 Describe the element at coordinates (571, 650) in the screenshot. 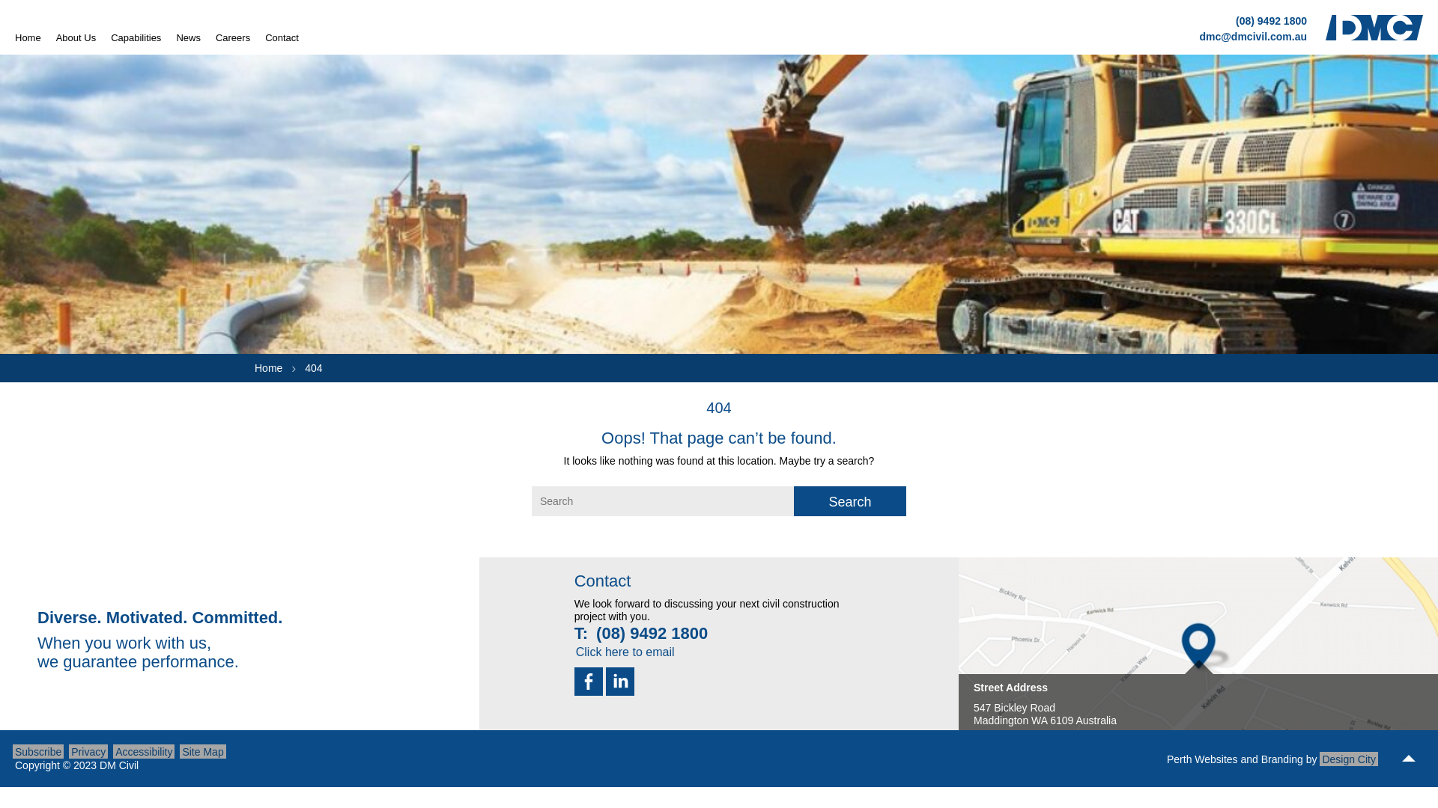

I see `'Click here to email'` at that location.